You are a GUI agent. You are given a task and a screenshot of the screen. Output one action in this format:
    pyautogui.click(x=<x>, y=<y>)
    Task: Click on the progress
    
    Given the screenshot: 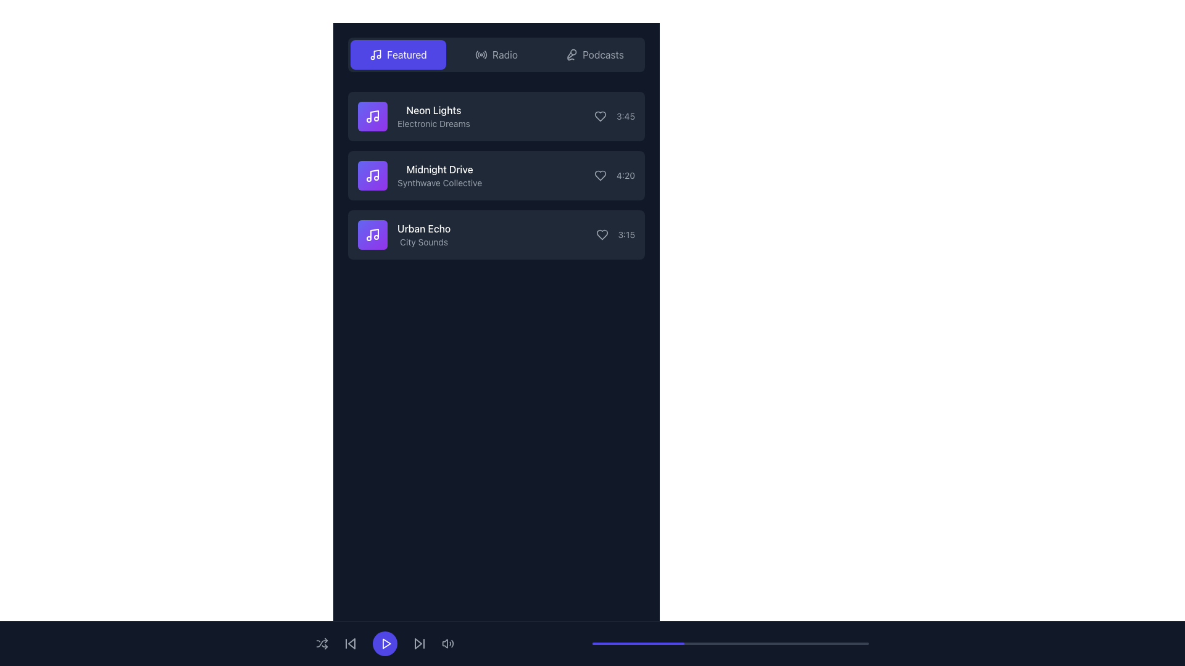 What is the action you would take?
    pyautogui.click(x=606, y=643)
    